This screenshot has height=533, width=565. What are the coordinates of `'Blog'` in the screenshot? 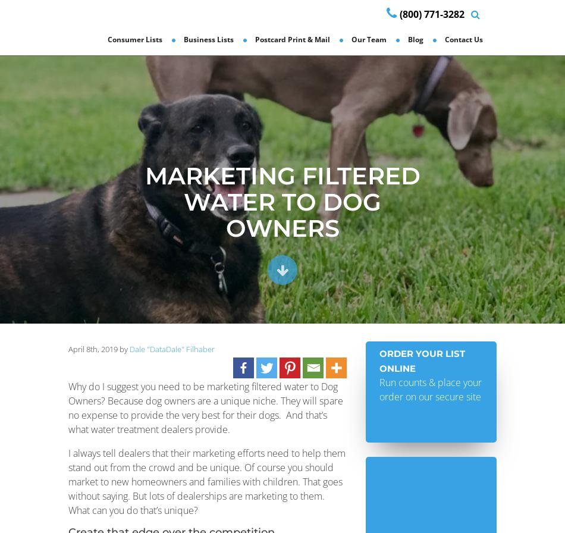 It's located at (416, 39).